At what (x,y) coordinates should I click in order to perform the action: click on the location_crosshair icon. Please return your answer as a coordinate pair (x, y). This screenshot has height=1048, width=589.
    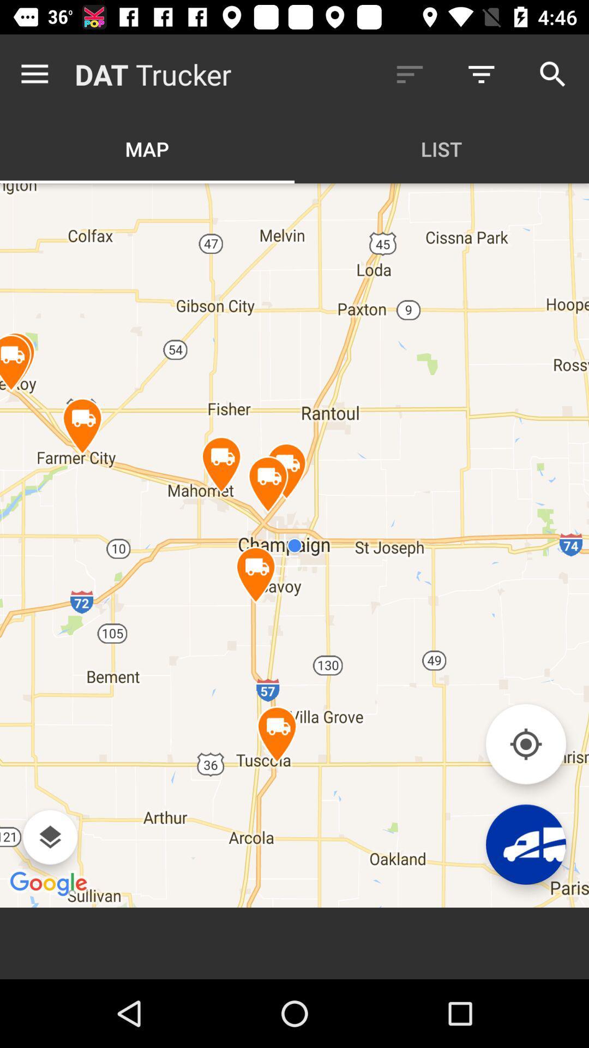
    Looking at the image, I should click on (525, 743).